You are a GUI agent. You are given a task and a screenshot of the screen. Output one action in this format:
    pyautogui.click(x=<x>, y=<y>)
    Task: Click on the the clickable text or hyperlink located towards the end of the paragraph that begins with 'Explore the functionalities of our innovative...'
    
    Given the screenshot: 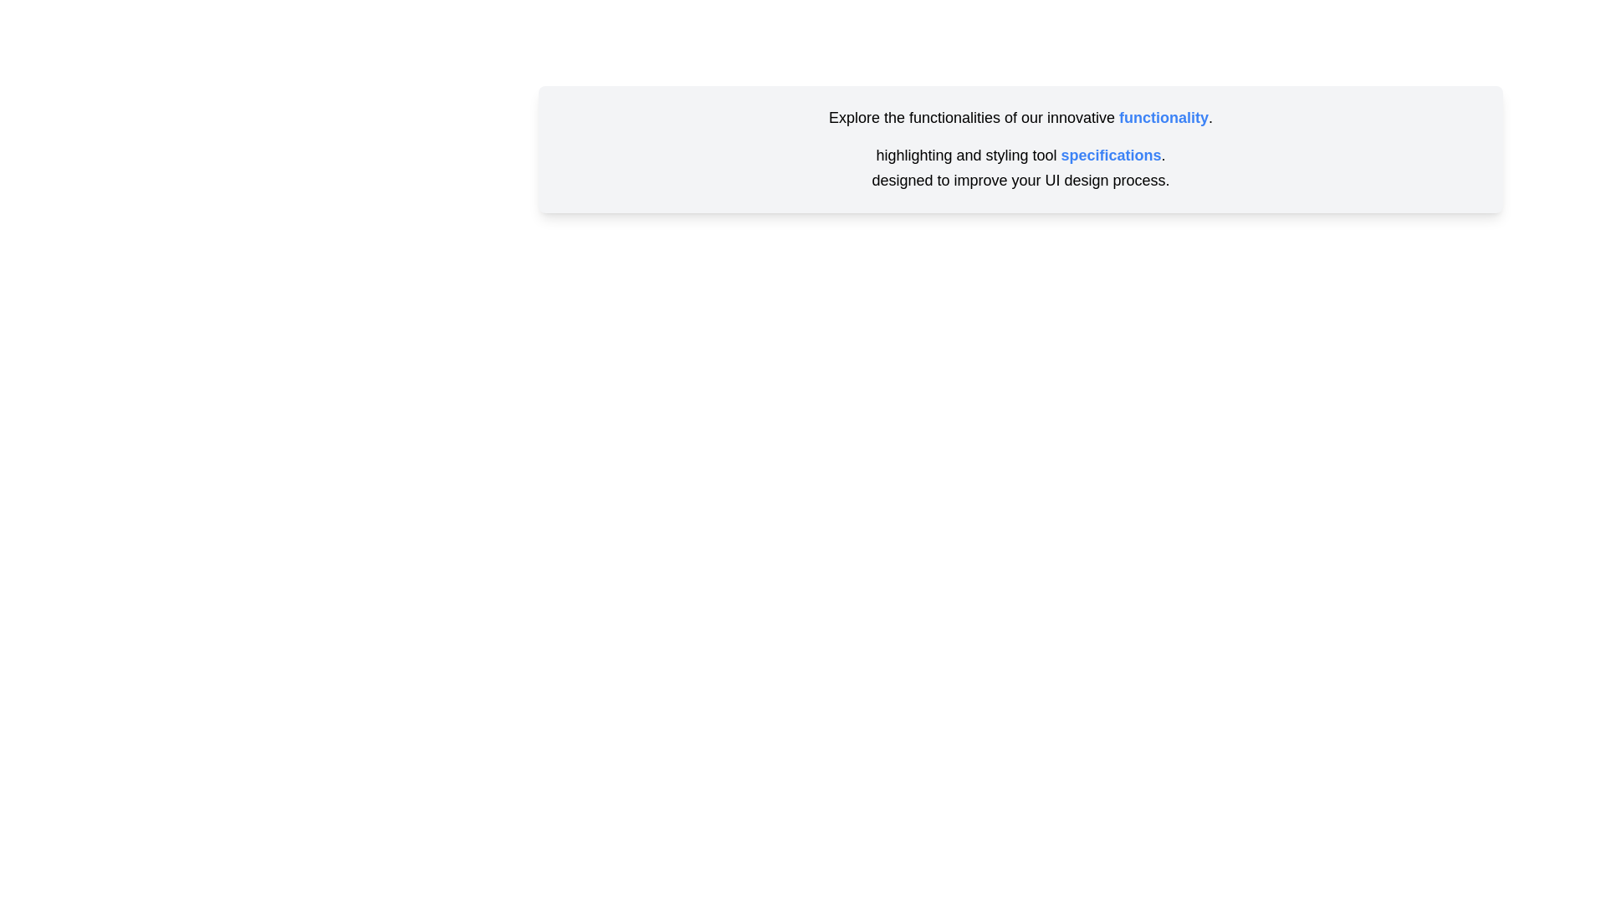 What is the action you would take?
    pyautogui.click(x=1163, y=117)
    